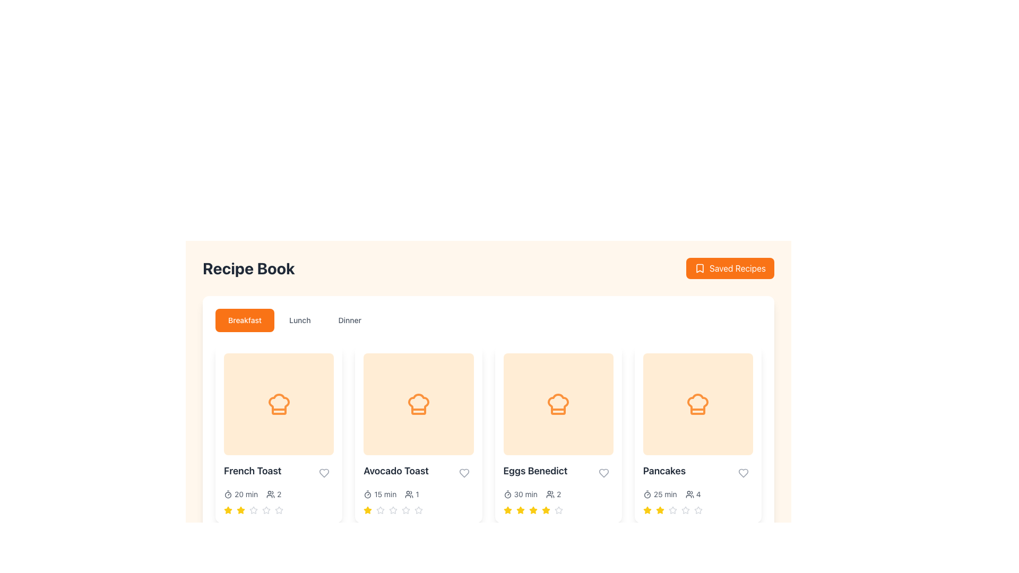 This screenshot has width=1019, height=573. Describe the element at coordinates (558, 404) in the screenshot. I see `the recipe category icon located in the second card of the third row below the 'Recipe Book' header, which is the third item from the left in the row` at that location.